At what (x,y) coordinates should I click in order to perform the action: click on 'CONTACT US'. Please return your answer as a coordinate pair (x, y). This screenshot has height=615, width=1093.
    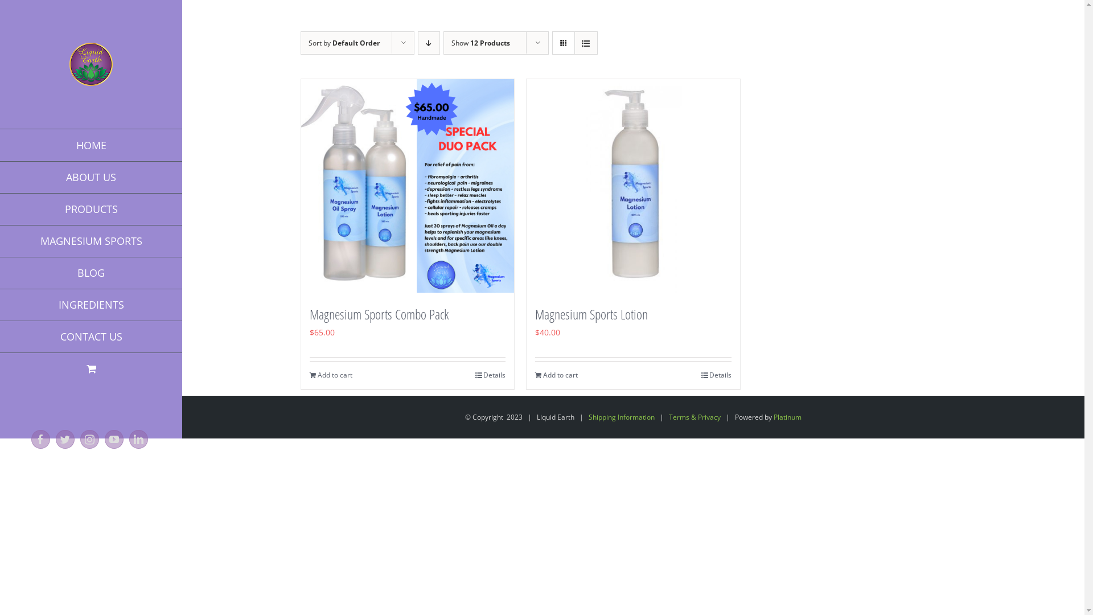
    Looking at the image, I should click on (90, 336).